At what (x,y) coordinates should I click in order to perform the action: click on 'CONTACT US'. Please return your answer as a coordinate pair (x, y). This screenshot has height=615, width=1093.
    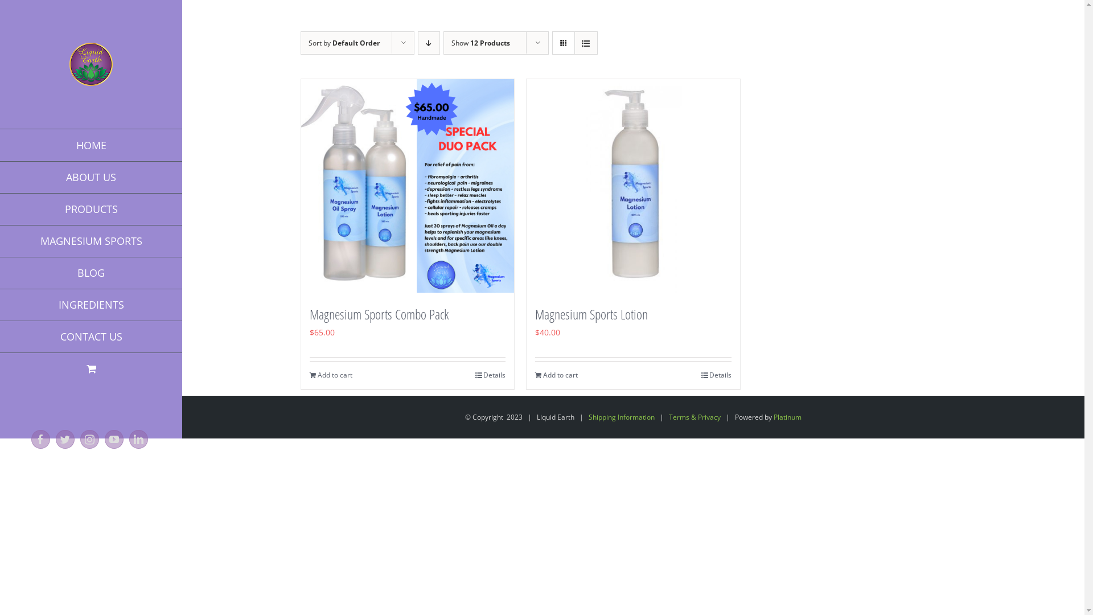
    Looking at the image, I should click on (90, 336).